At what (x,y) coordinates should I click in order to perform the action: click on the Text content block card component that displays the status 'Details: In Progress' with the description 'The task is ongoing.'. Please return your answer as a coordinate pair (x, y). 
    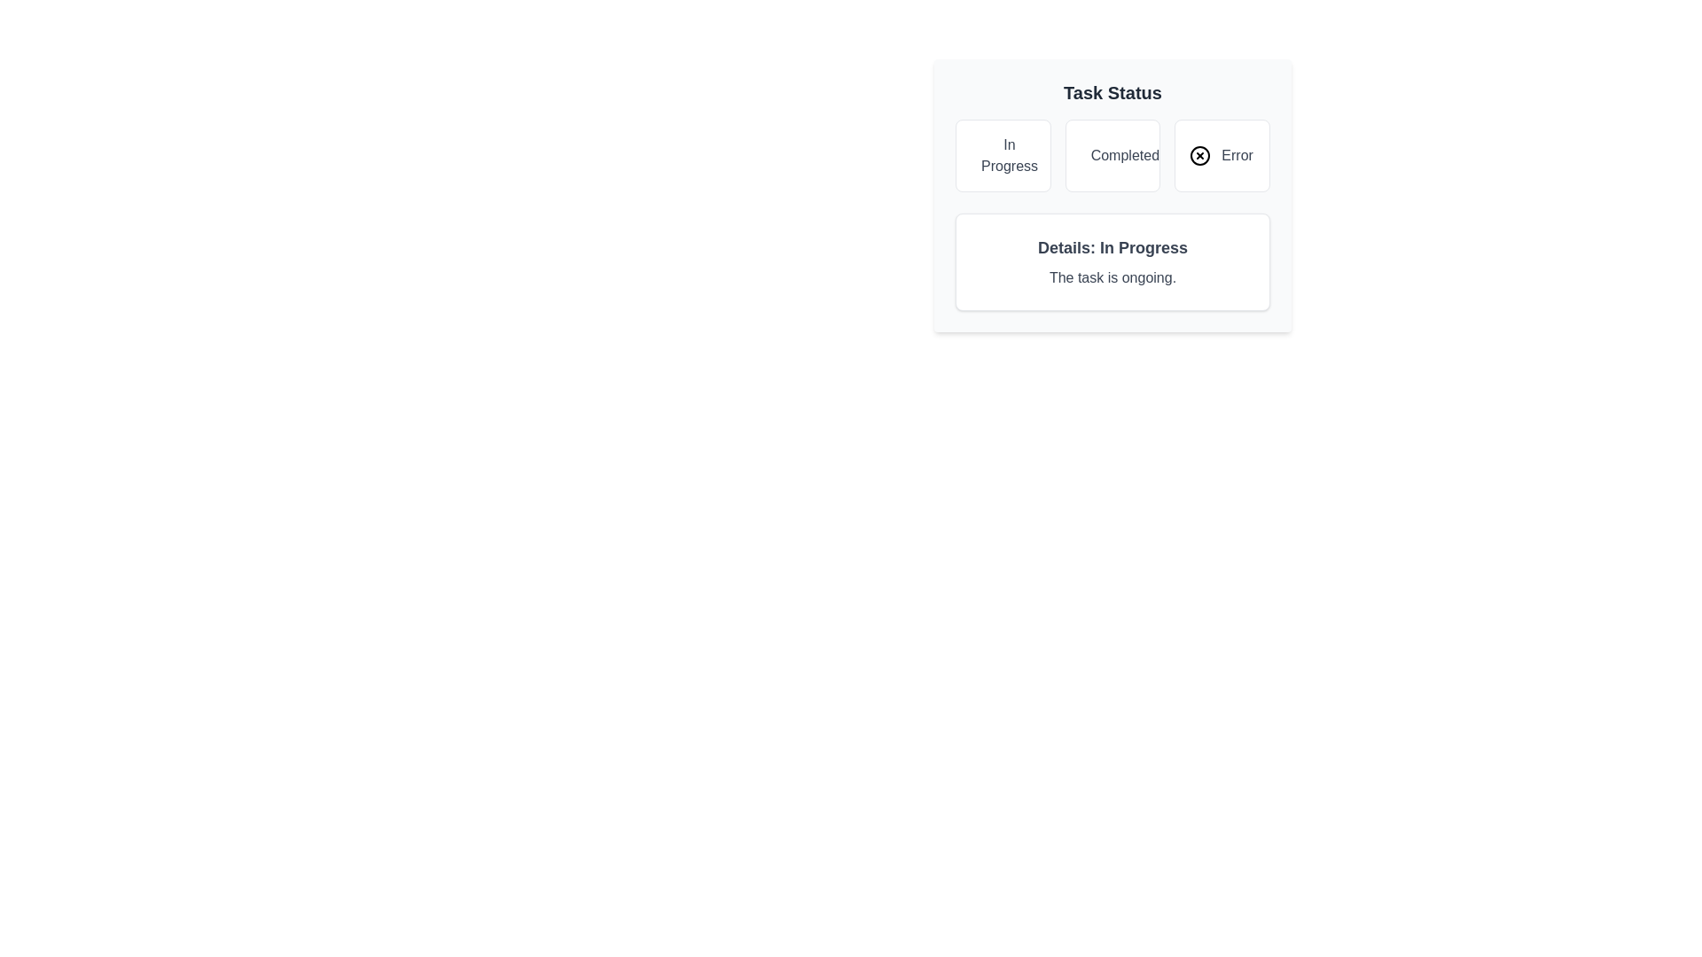
    Looking at the image, I should click on (1112, 262).